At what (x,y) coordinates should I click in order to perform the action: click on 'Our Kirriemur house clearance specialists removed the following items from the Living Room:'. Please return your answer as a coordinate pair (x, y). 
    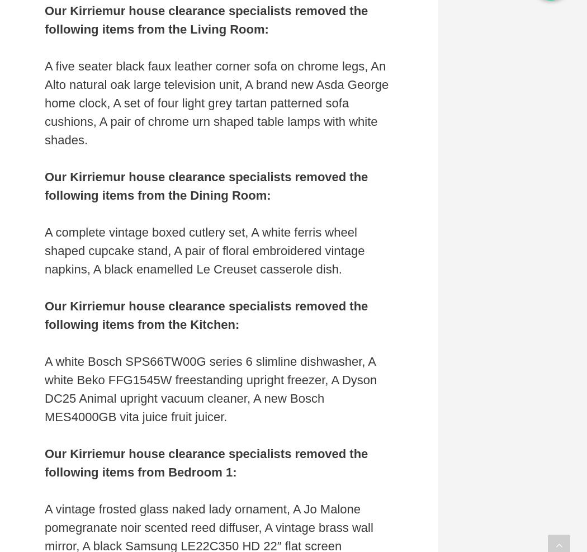
    Looking at the image, I should click on (205, 19).